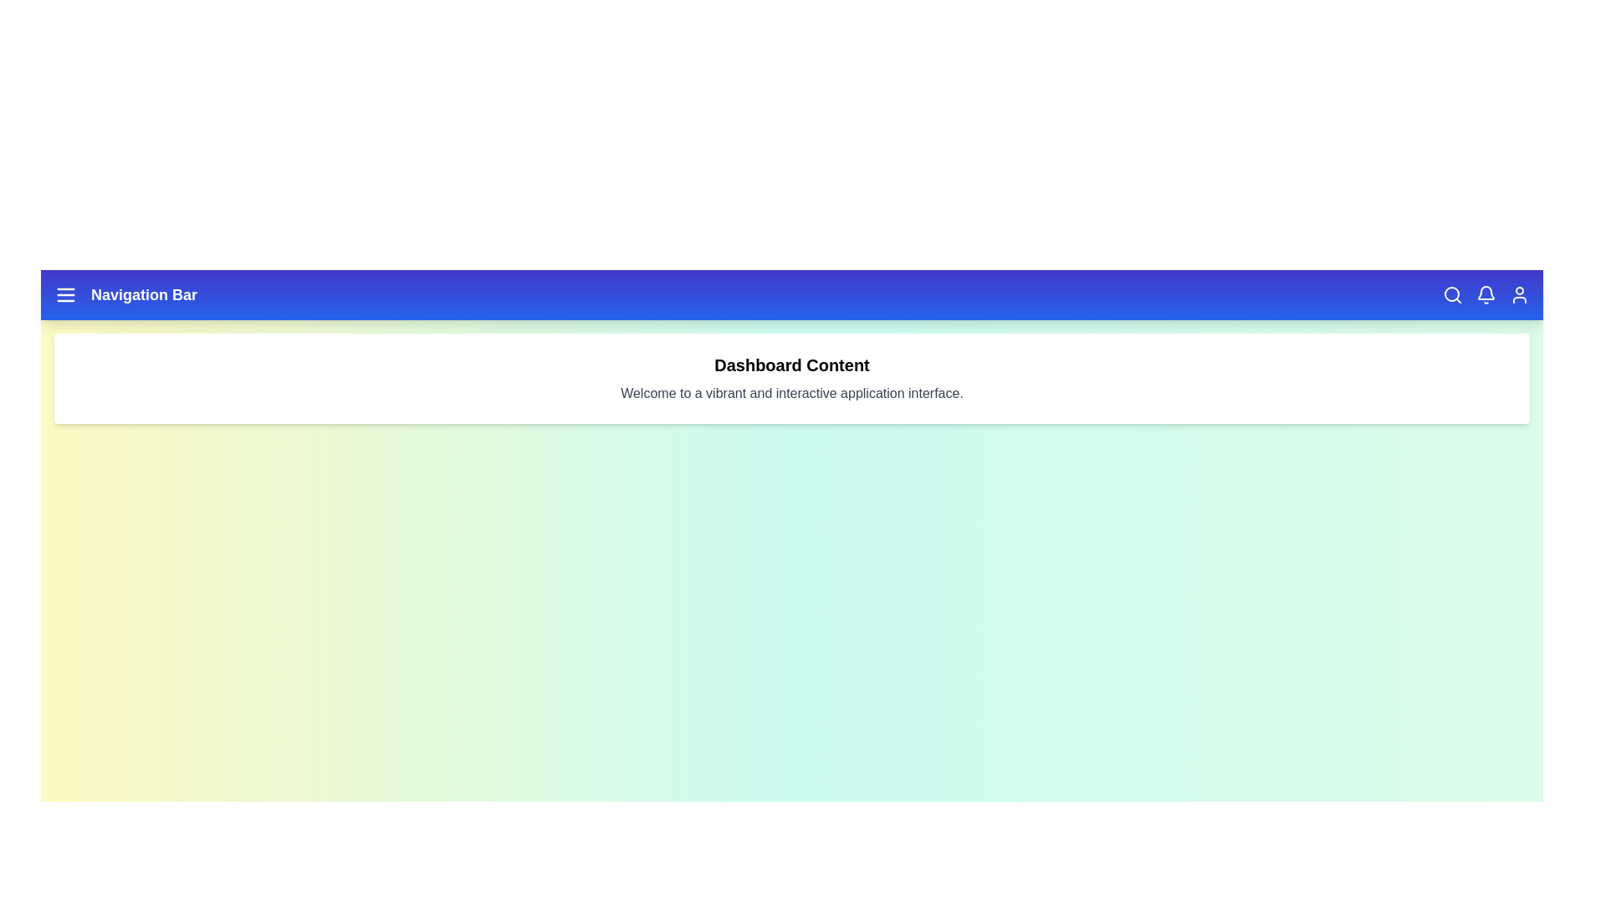 Image resolution: width=1606 pixels, height=903 pixels. I want to click on the search icon to initiate a search, so click(1452, 294).